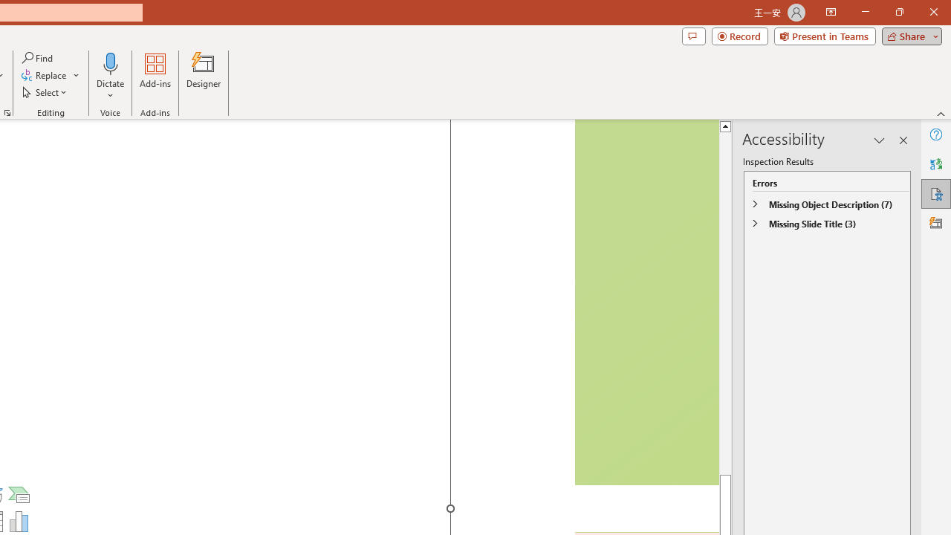 The height and width of the screenshot is (535, 951). What do you see at coordinates (110, 77) in the screenshot?
I see `'Dictate'` at bounding box center [110, 77].